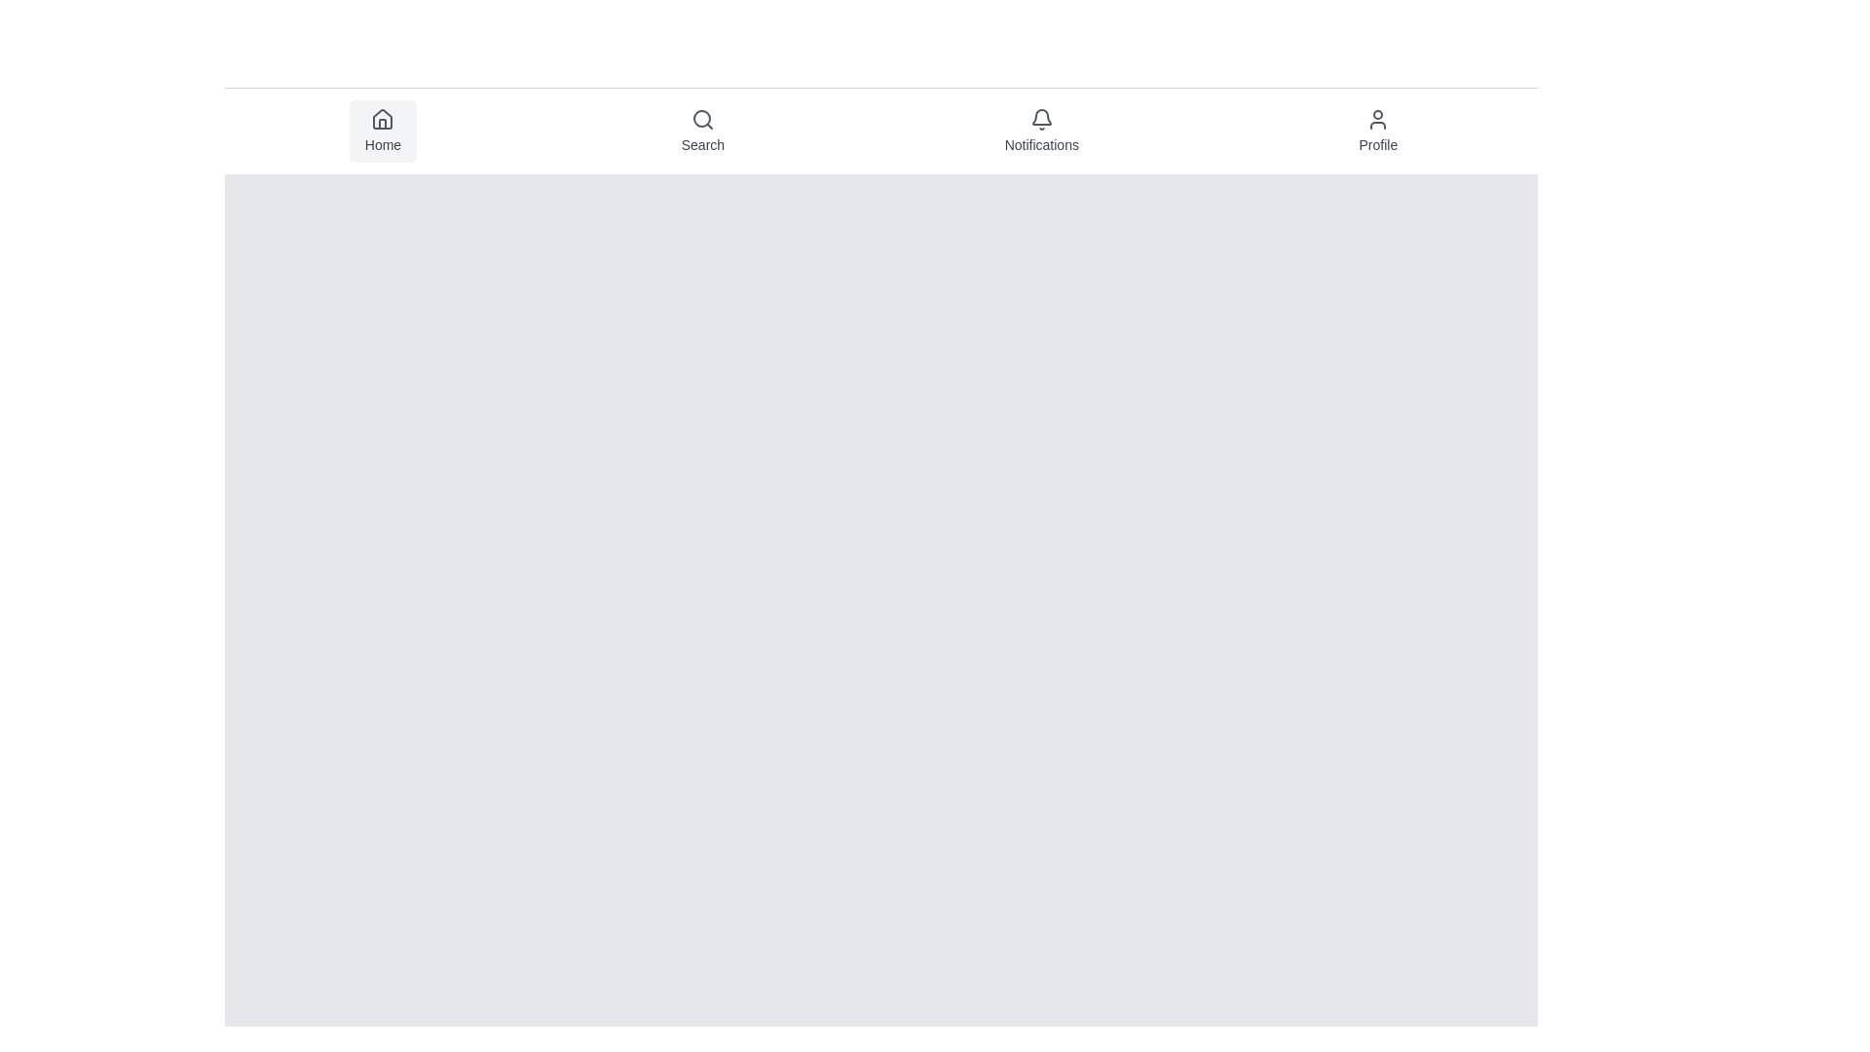  What do you see at coordinates (1040, 131) in the screenshot?
I see `the 'Notifications' button, which features a bell icon and is the third item in the top navigation bar` at bounding box center [1040, 131].